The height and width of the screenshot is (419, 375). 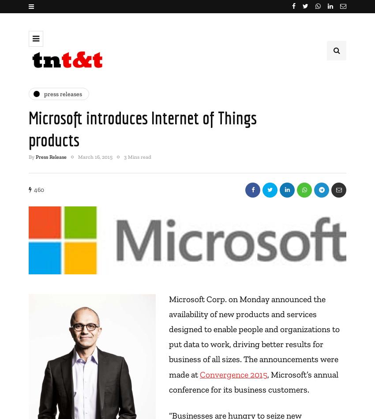 What do you see at coordinates (63, 94) in the screenshot?
I see `'Press Releases'` at bounding box center [63, 94].